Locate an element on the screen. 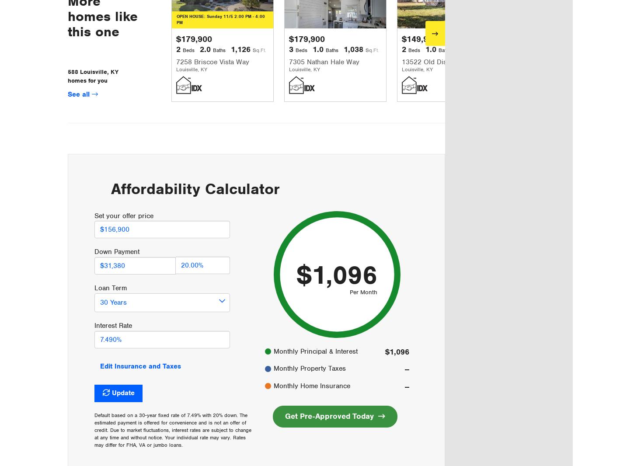 This screenshot has height=466, width=634. 'homes for you' is located at coordinates (67, 80).